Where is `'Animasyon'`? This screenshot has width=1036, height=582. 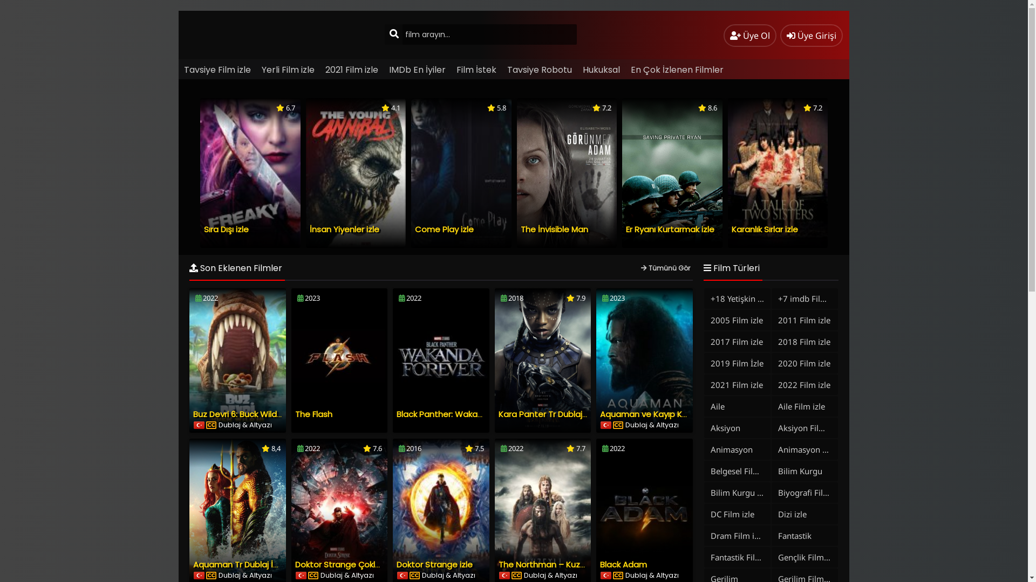 'Animasyon' is located at coordinates (737, 449).